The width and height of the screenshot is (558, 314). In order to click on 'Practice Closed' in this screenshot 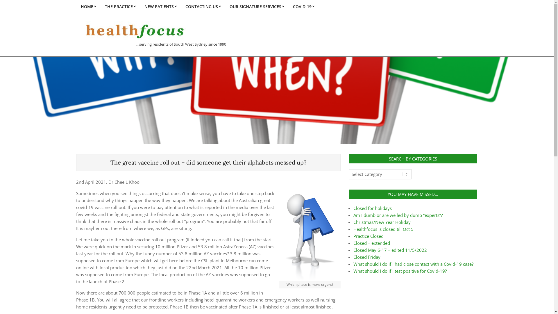, I will do `click(368, 236)`.